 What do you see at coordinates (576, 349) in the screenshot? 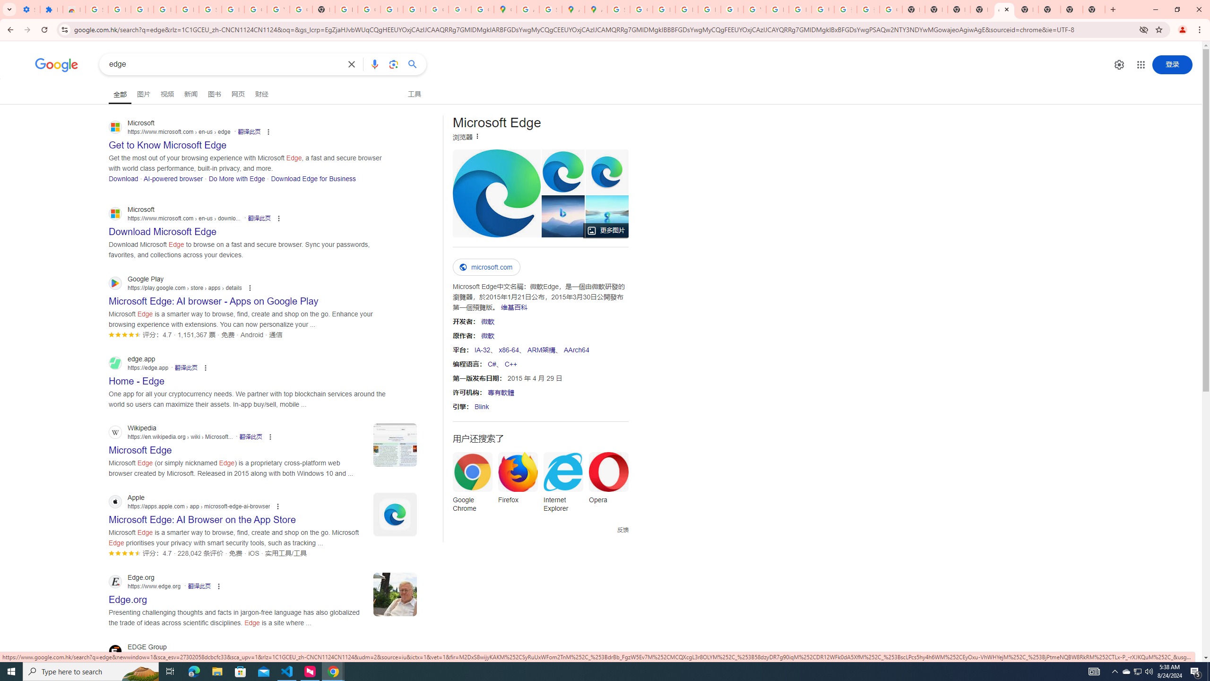
I see `'AArch64'` at bounding box center [576, 349].